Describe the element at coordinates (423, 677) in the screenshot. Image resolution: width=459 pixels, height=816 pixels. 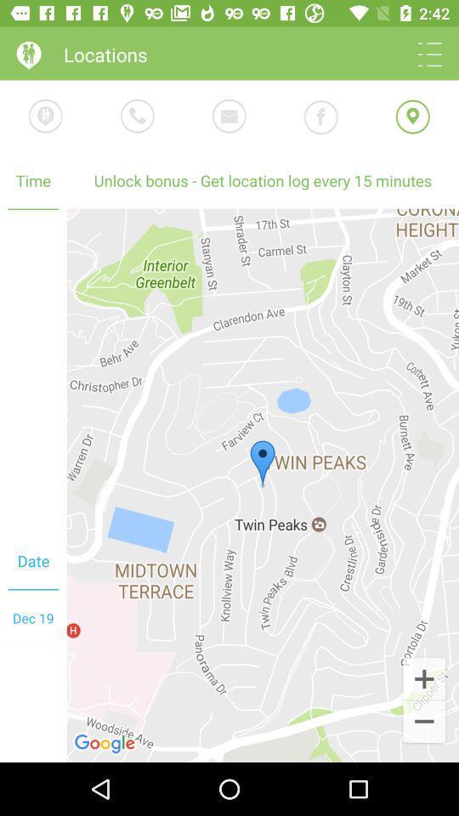
I see `the item below the unlock bonus get item` at that location.